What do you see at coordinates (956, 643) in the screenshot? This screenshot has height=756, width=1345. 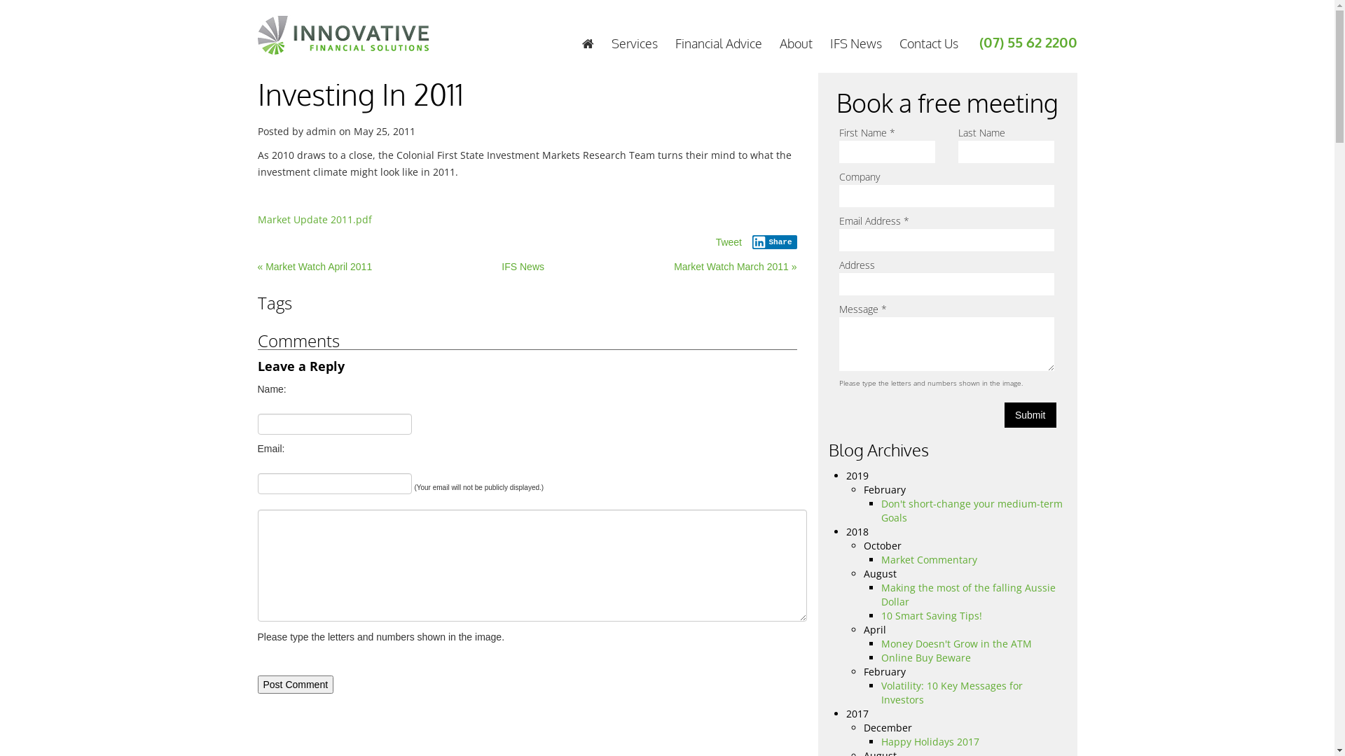 I see `'Money Doesn't Grow in the ATM'` at bounding box center [956, 643].